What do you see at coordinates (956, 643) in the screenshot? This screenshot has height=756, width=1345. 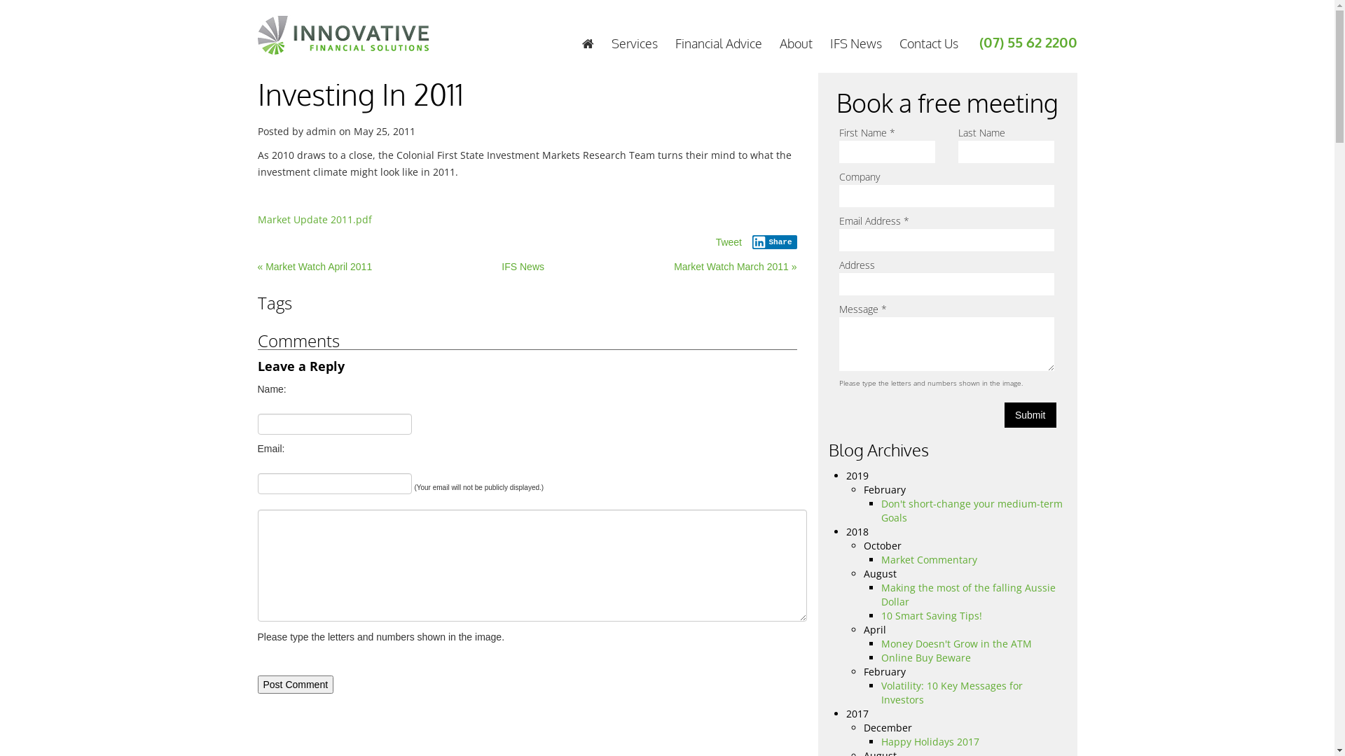 I see `'Money Doesn't Grow in the ATM'` at bounding box center [956, 643].